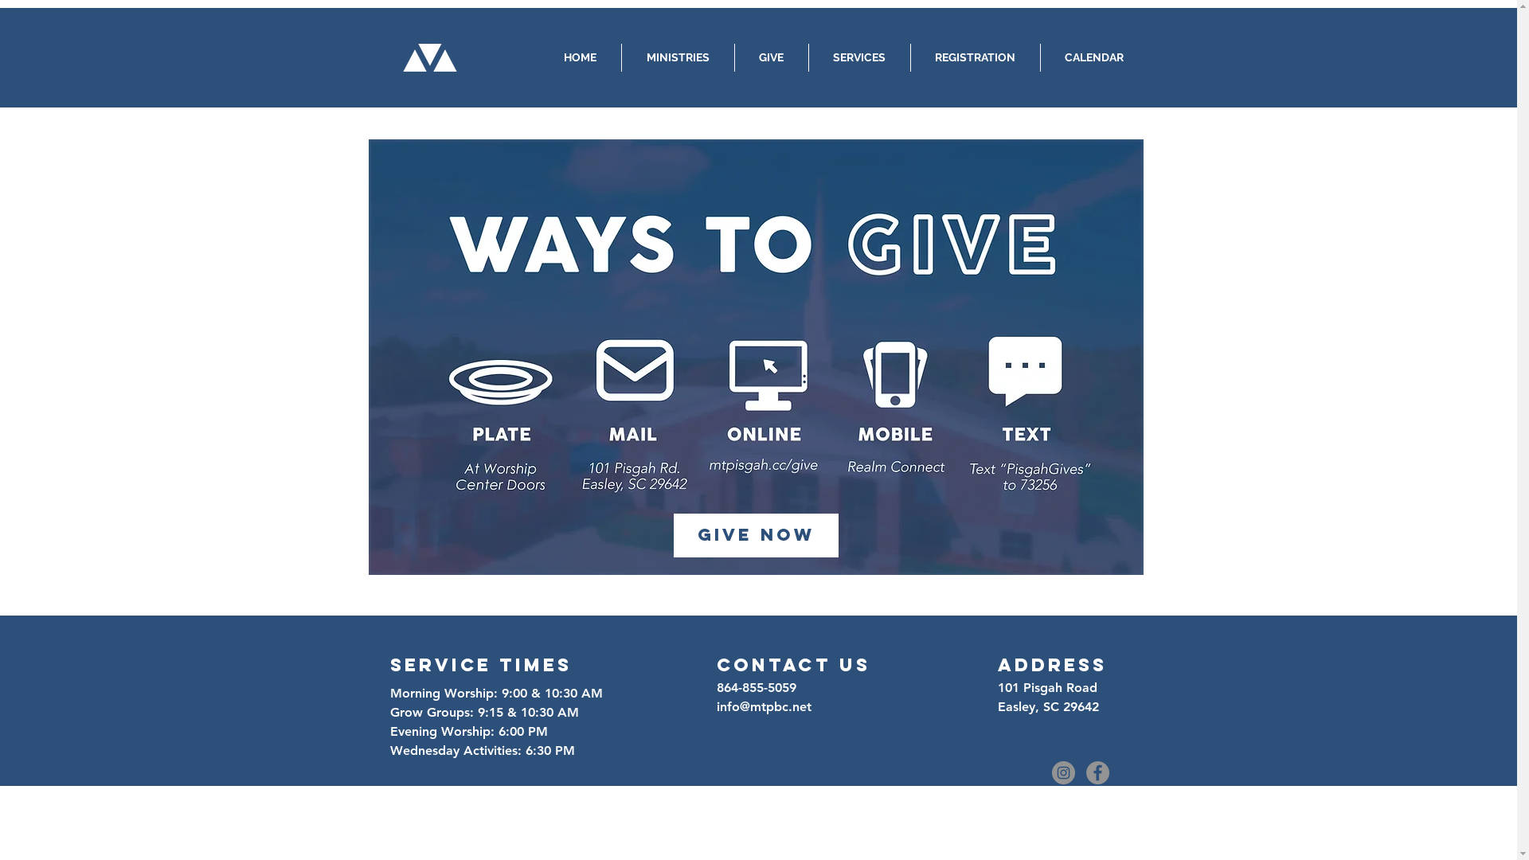 This screenshot has height=860, width=1529. Describe the element at coordinates (755, 535) in the screenshot. I see `'Give Now'` at that location.